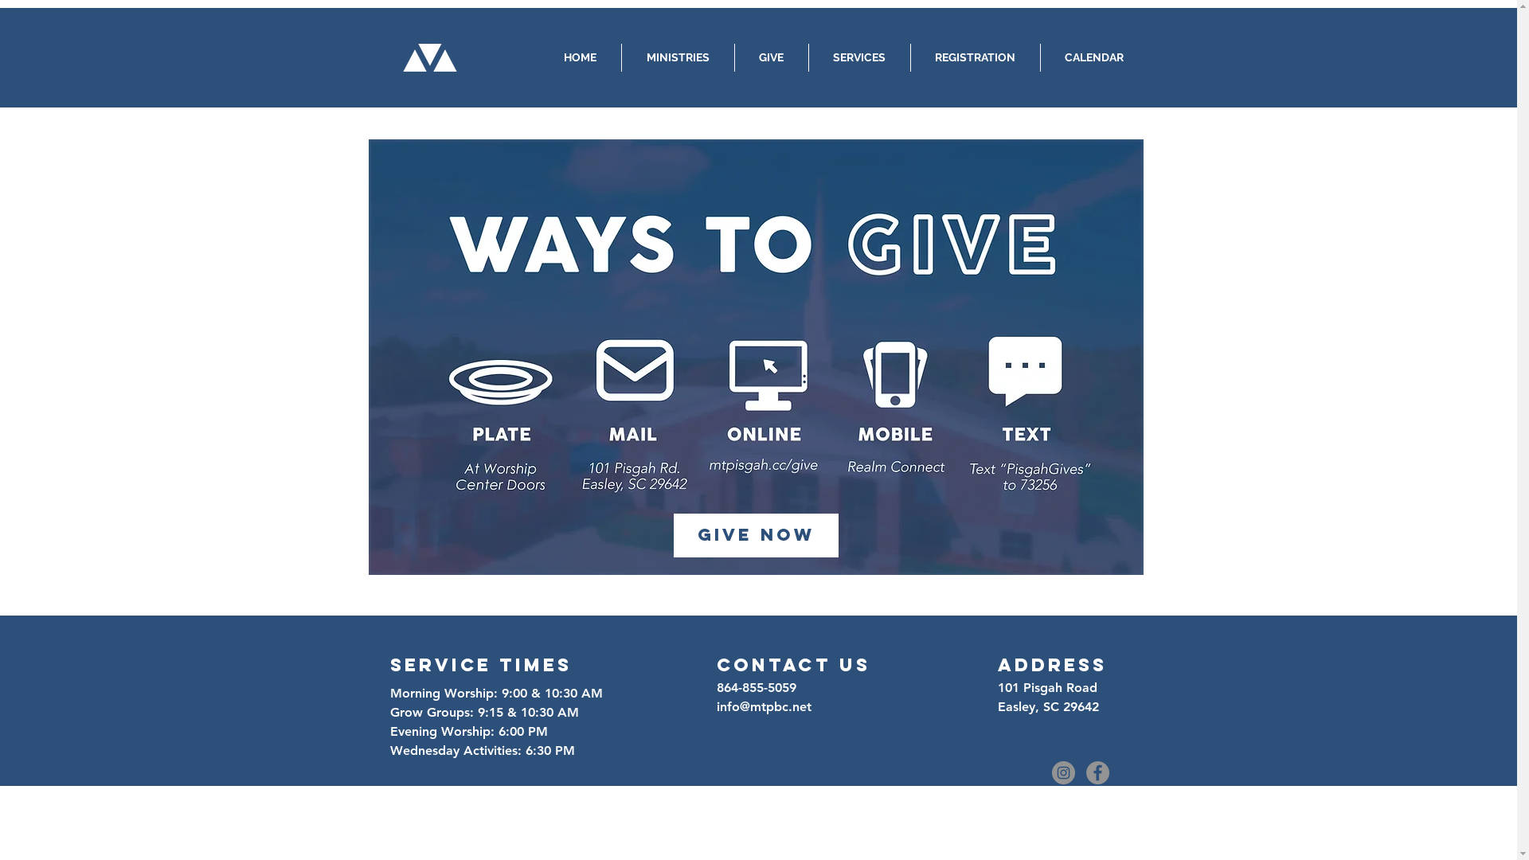 This screenshot has height=860, width=1529. Describe the element at coordinates (755, 535) in the screenshot. I see `'Give Now'` at that location.